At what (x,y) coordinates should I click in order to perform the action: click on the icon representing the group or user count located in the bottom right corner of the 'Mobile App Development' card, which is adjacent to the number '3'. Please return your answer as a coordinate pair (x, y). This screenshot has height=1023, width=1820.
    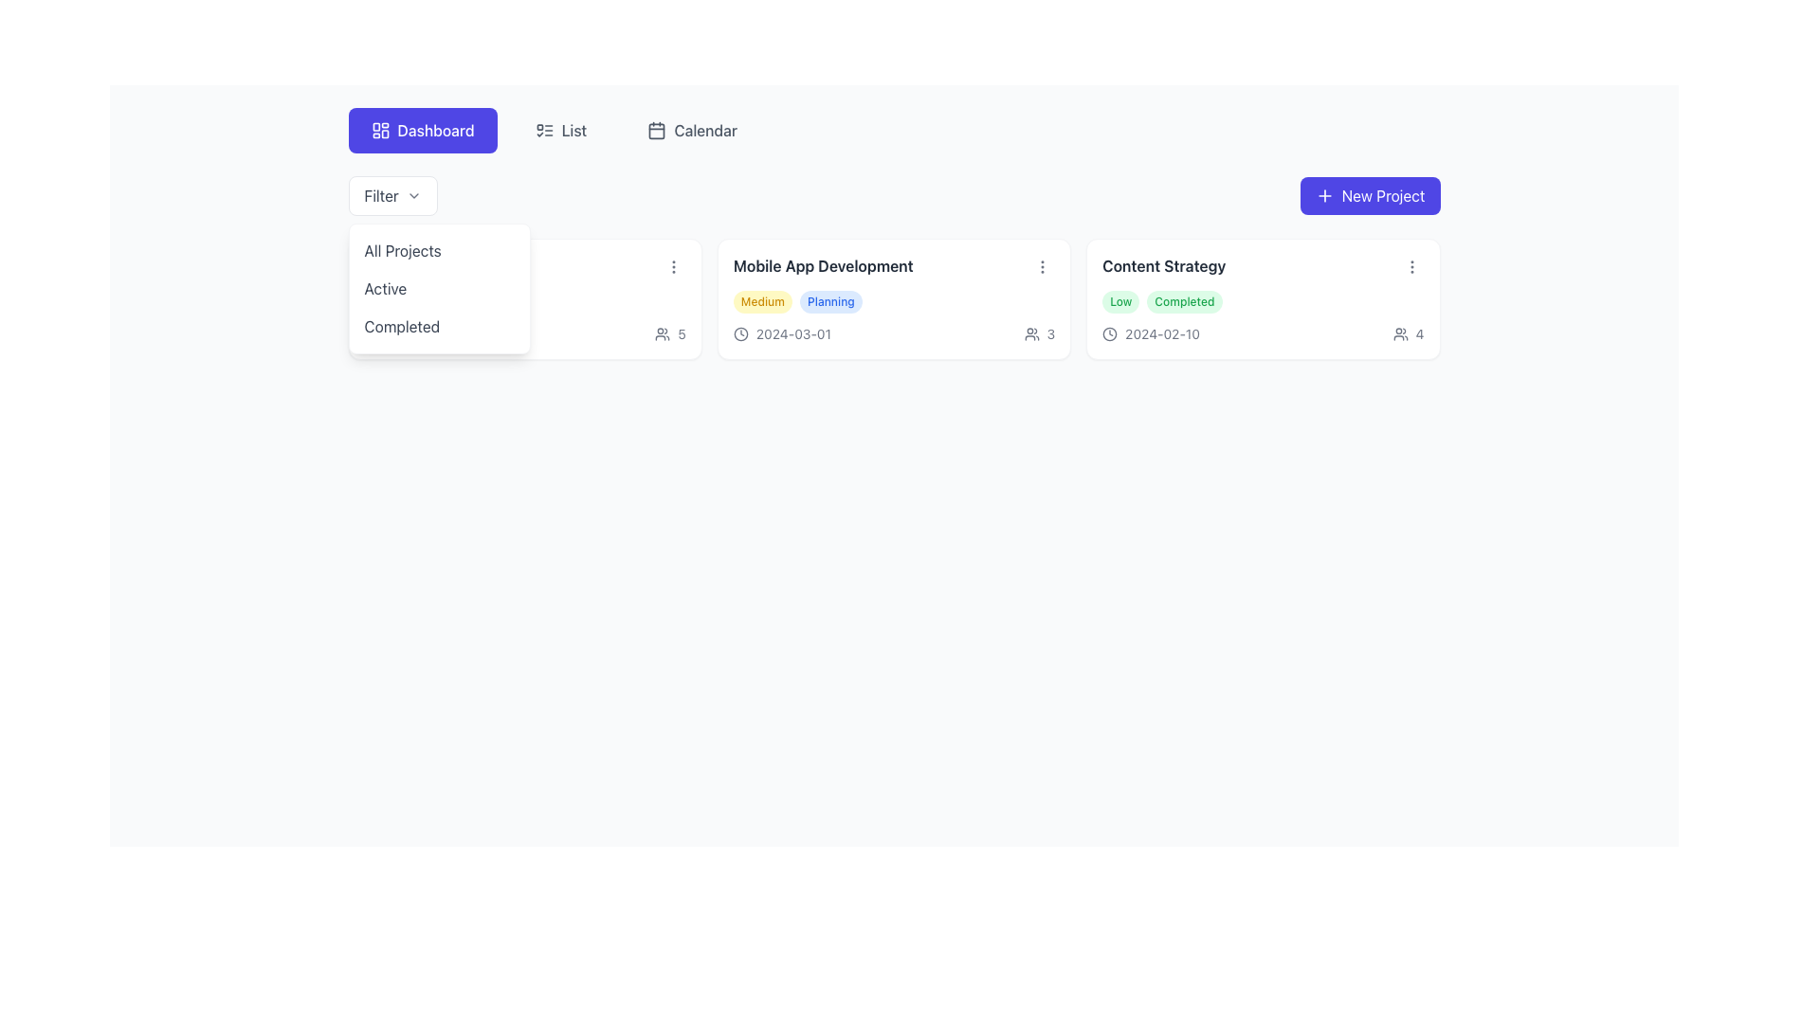
    Looking at the image, I should click on (1030, 333).